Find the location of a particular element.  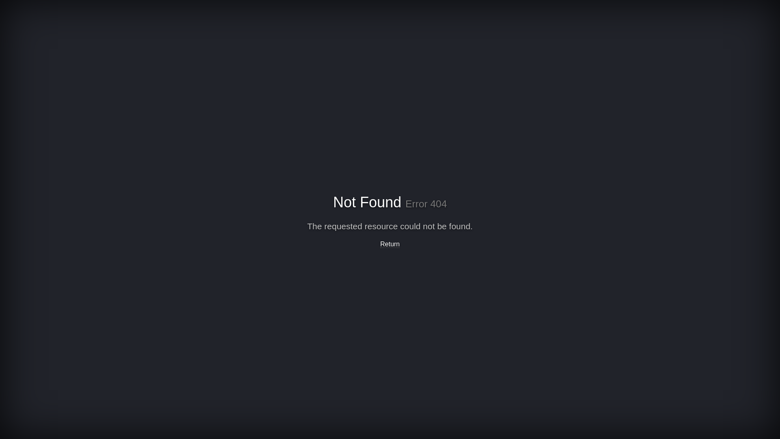

'Return' is located at coordinates (390, 244).